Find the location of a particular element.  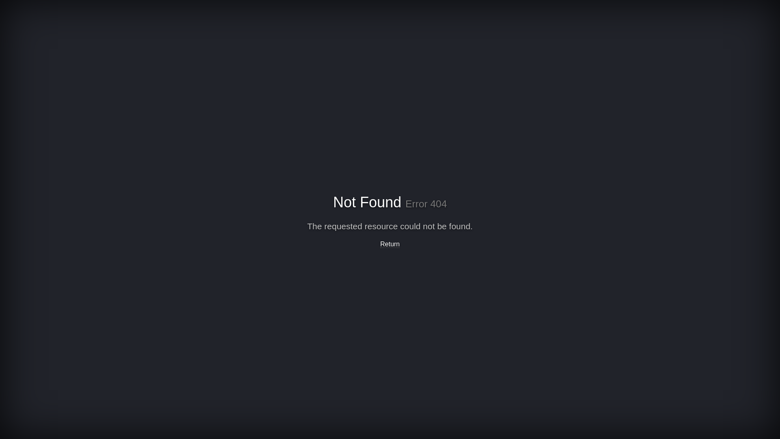

'Return' is located at coordinates (390, 244).